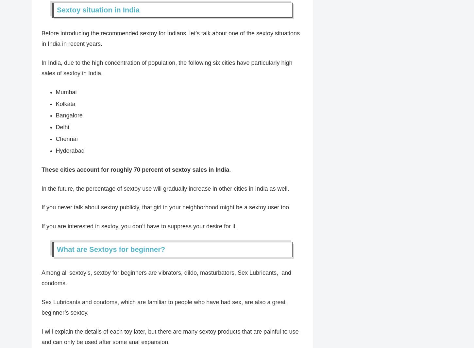 This screenshot has height=348, width=474. I want to click on 'Before introducing the recommended sextoy for Indians, let’s talk about one of the sextoy situations in India in recent years.', so click(171, 38).